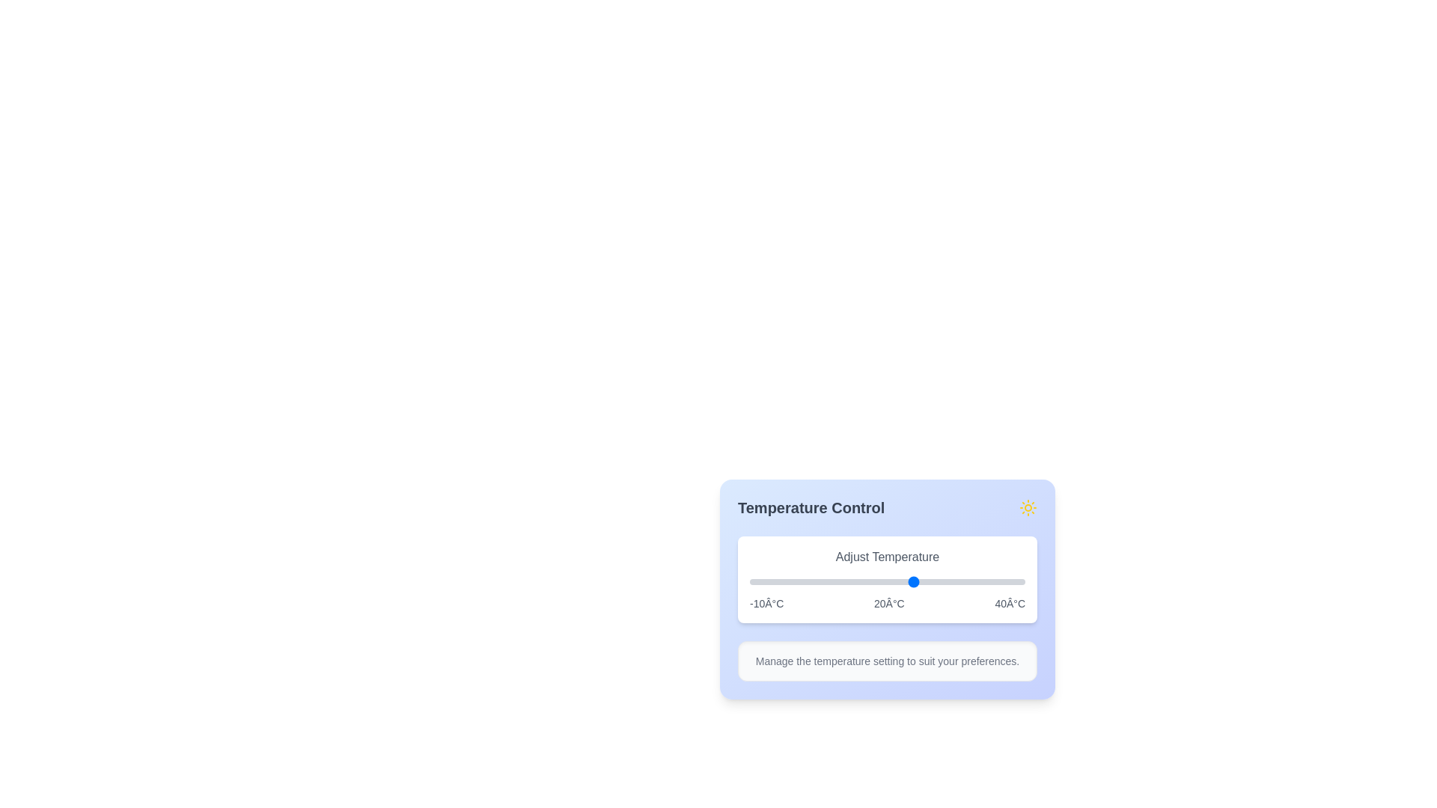 The height and width of the screenshot is (808, 1437). What do you see at coordinates (887, 660) in the screenshot?
I see `the informational text element to read its content` at bounding box center [887, 660].